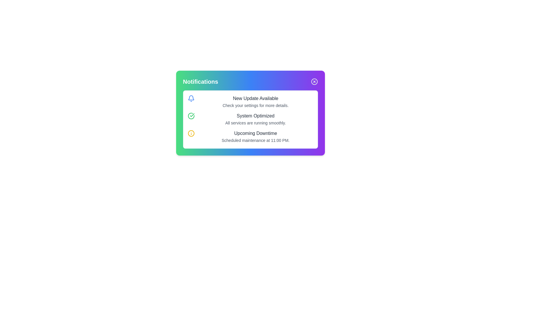 Image resolution: width=558 pixels, height=314 pixels. Describe the element at coordinates (255, 98) in the screenshot. I see `text of the notification's title located in the upper section of the notification card, which is the first line of textual information` at that location.